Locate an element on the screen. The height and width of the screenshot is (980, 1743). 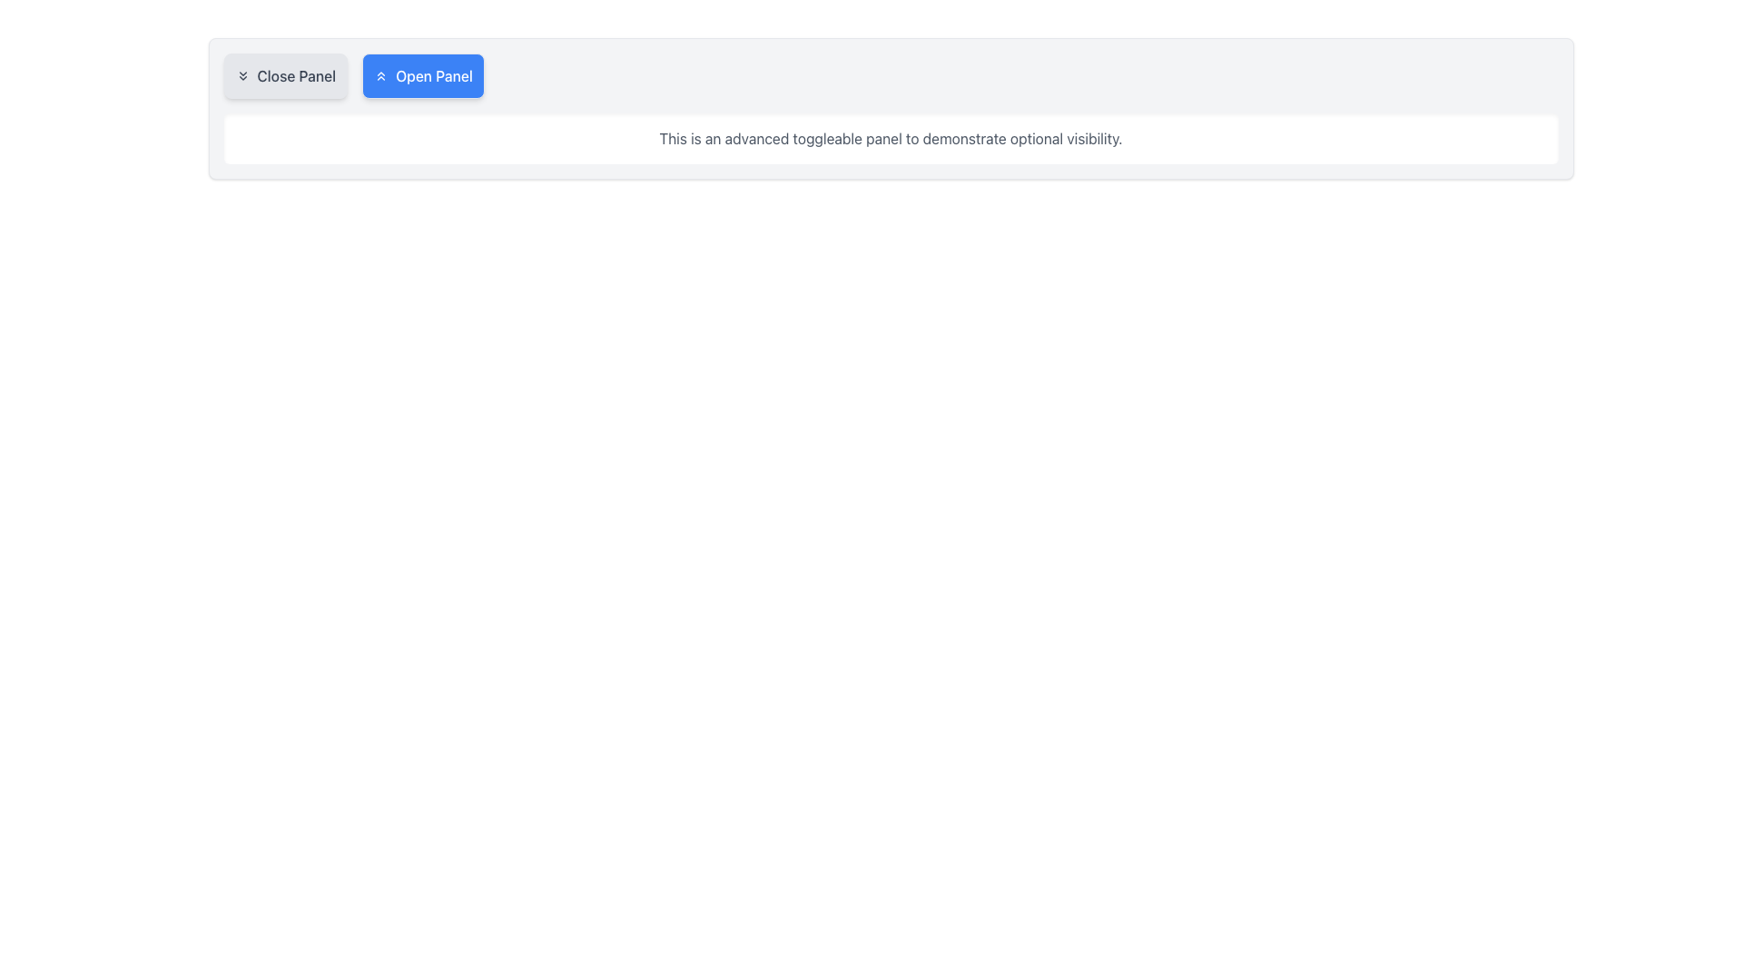
the downwards chevrons icon located inside the 'Close Panel' button, which has a light gray background and rounded rectangular border, positioned to the left of the text 'Close Panel' is located at coordinates (241, 75).